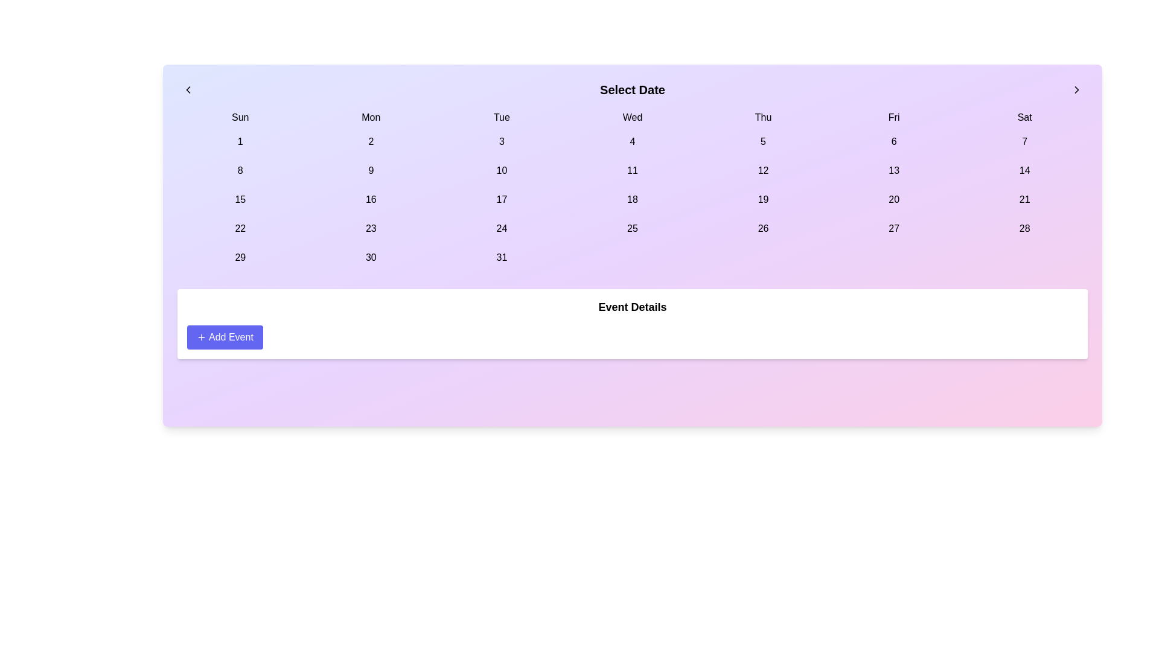 The width and height of the screenshot is (1159, 652). I want to click on the button located within the 'Event Details' card, so click(225, 337).